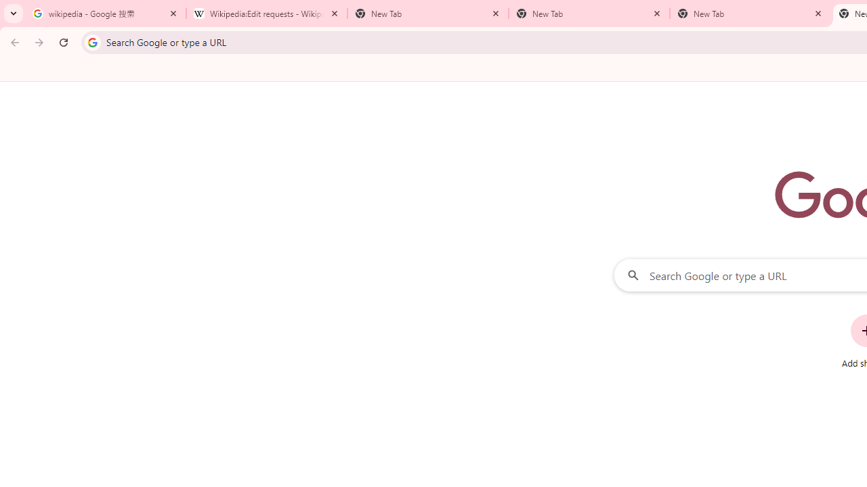 This screenshot has width=867, height=487. I want to click on 'New Tab', so click(750, 14).